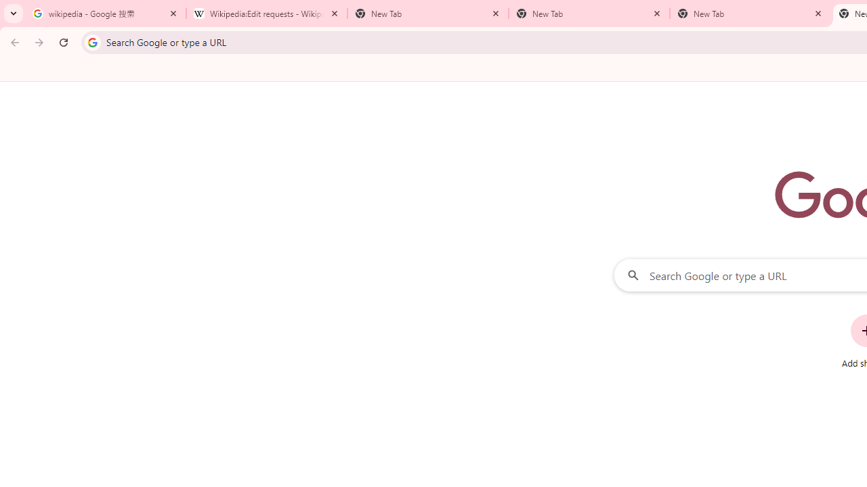 This screenshot has width=867, height=487. I want to click on 'New Tab', so click(750, 14).